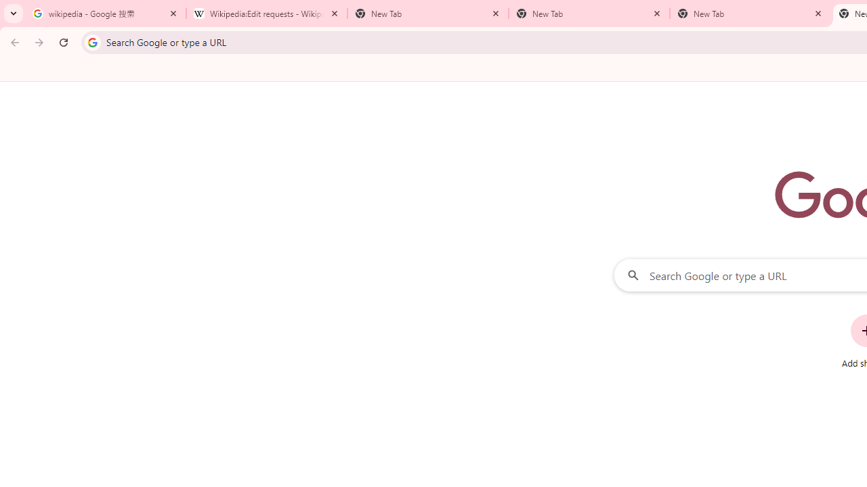 This screenshot has width=867, height=487. I want to click on 'New Tab', so click(750, 14).